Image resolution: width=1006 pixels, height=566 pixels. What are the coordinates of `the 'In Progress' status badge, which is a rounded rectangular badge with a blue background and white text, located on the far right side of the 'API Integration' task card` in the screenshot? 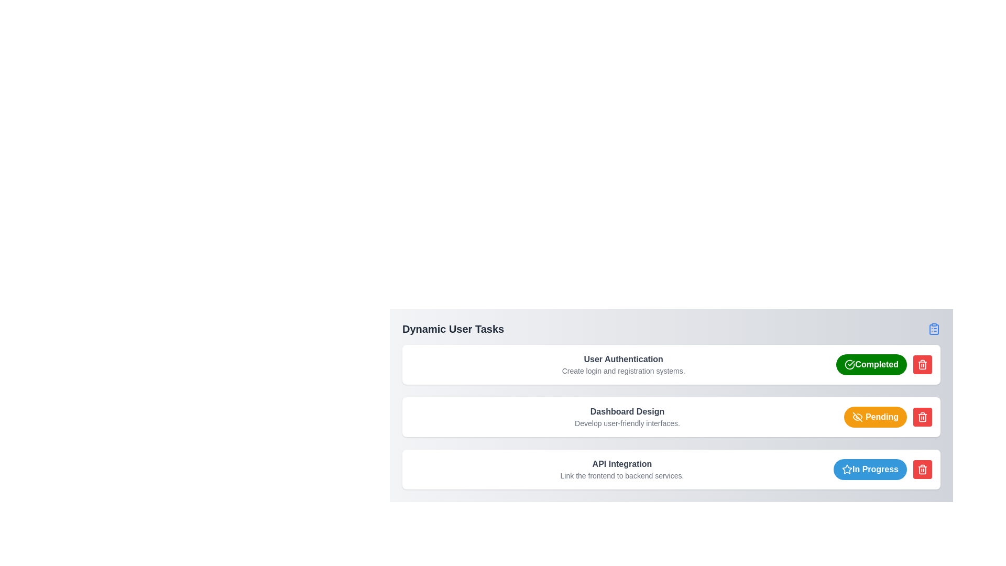 It's located at (870, 469).